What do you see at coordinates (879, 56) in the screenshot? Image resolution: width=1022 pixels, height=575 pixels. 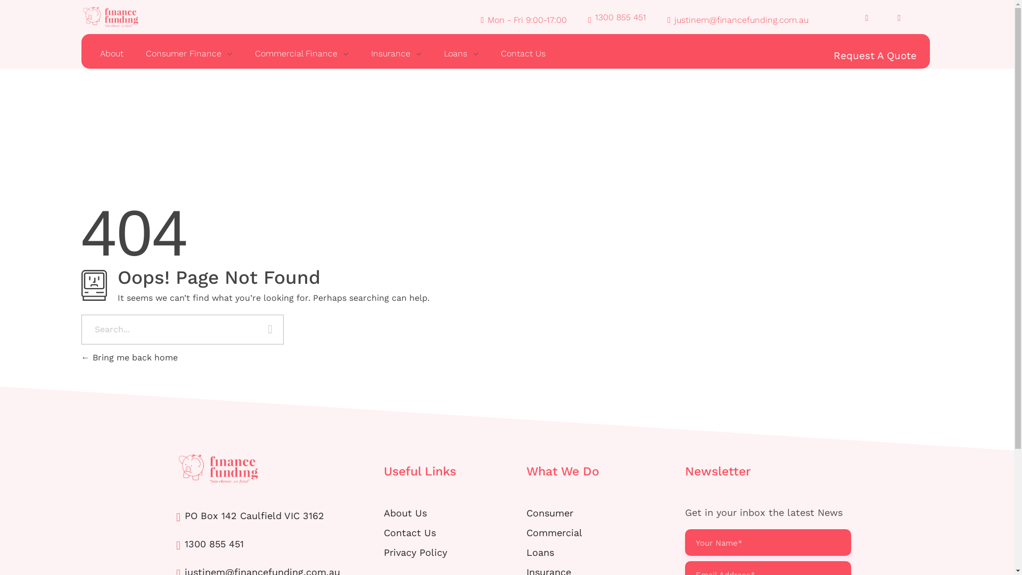 I see `'Request A Quote'` at bounding box center [879, 56].